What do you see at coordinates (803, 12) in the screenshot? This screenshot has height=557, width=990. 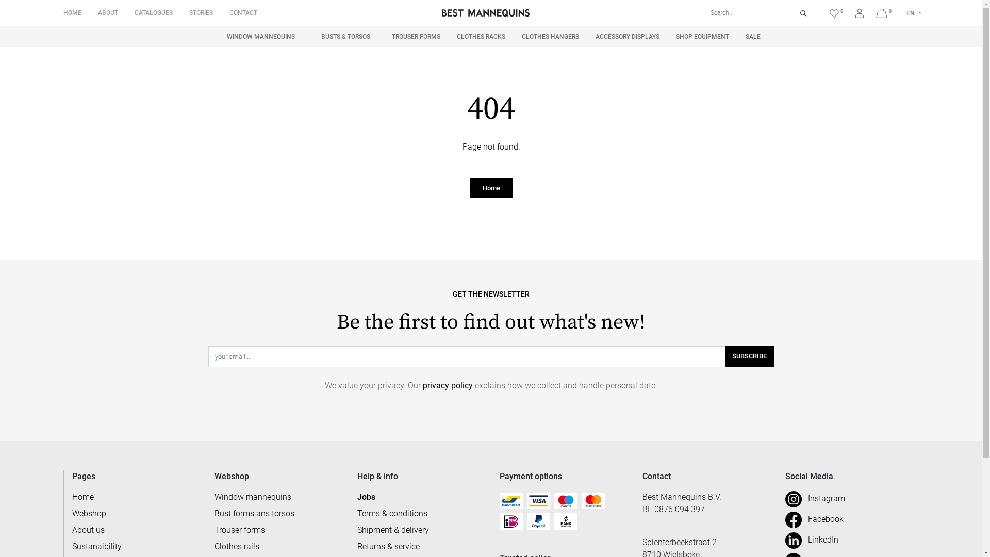 I see `'Search'` at bounding box center [803, 12].